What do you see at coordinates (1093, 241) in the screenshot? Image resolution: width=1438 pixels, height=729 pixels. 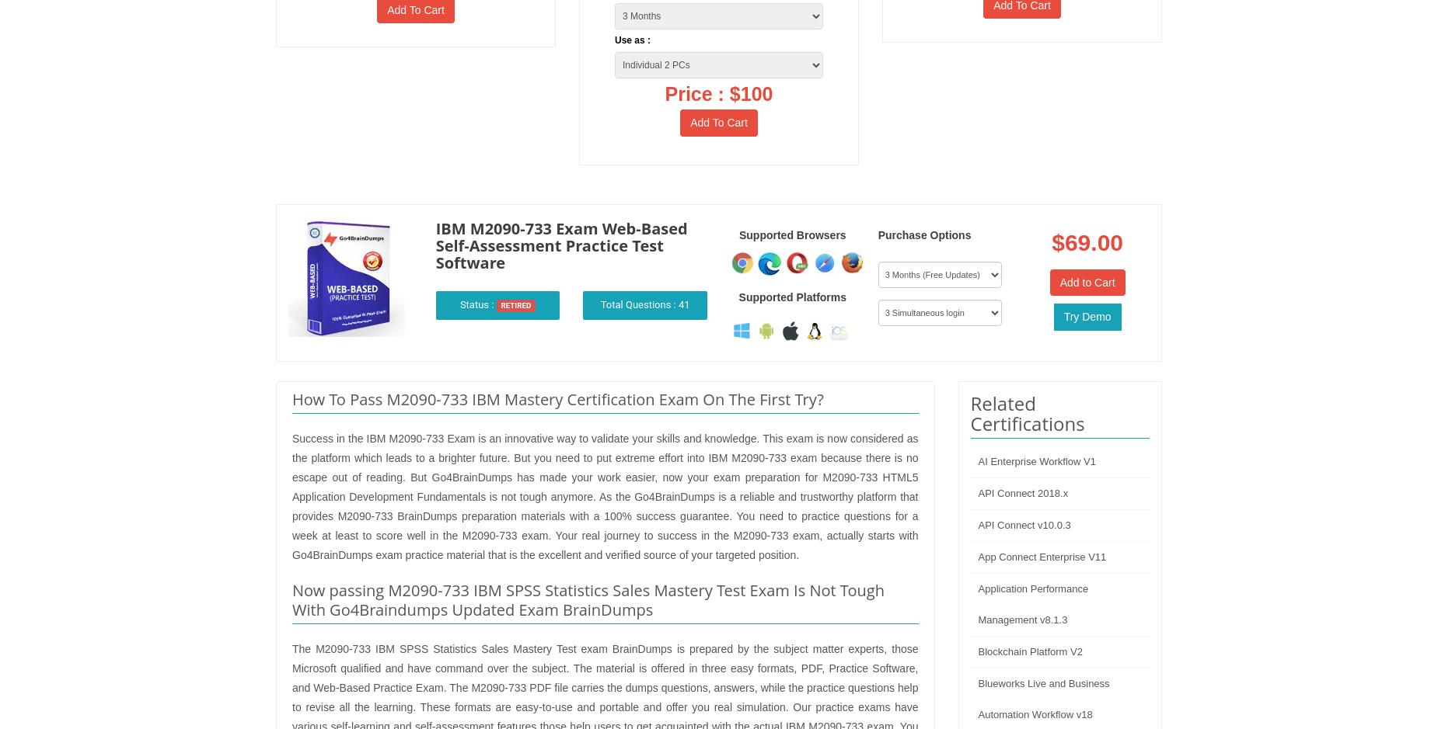 I see `'69.00'` at bounding box center [1093, 241].